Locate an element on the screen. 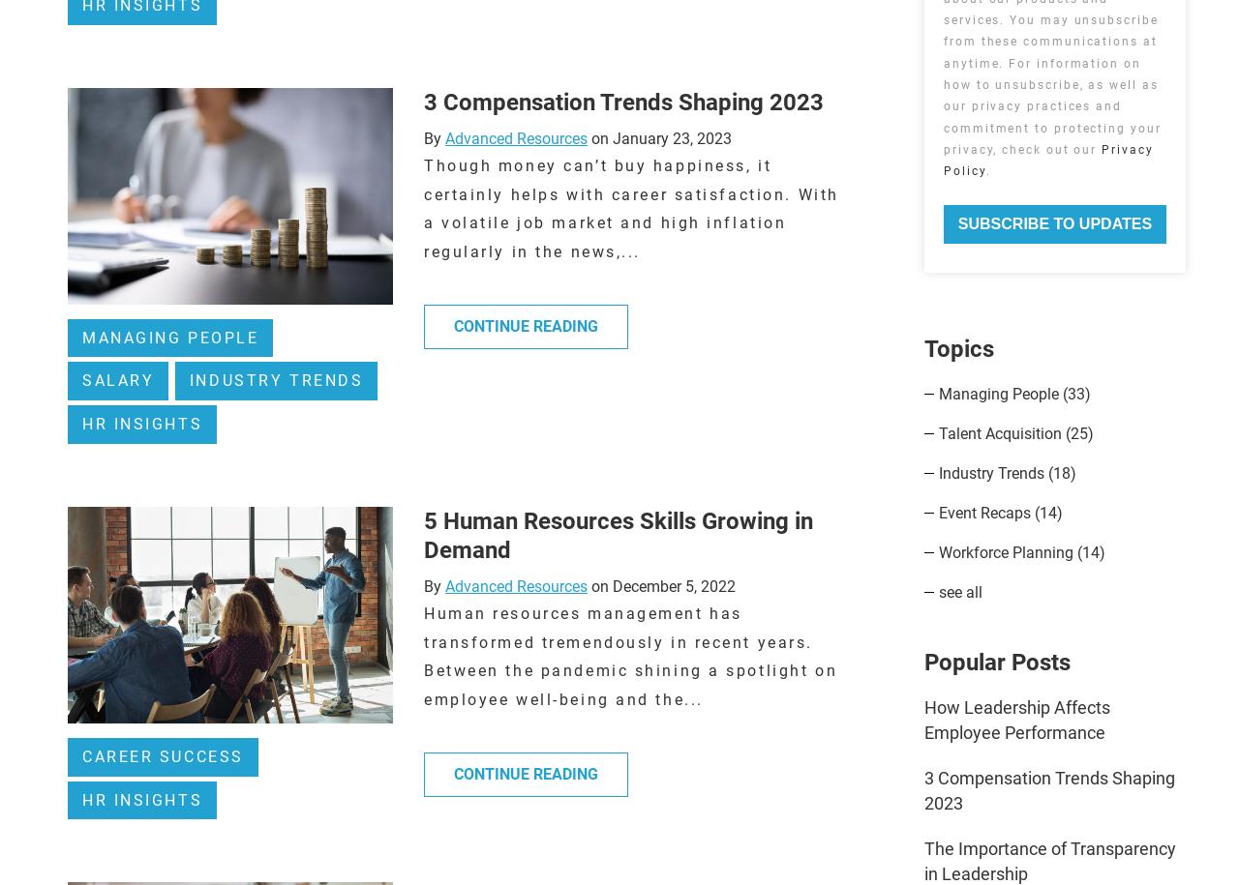 The height and width of the screenshot is (885, 1239). 'Privacy Policy' is located at coordinates (1046, 159).